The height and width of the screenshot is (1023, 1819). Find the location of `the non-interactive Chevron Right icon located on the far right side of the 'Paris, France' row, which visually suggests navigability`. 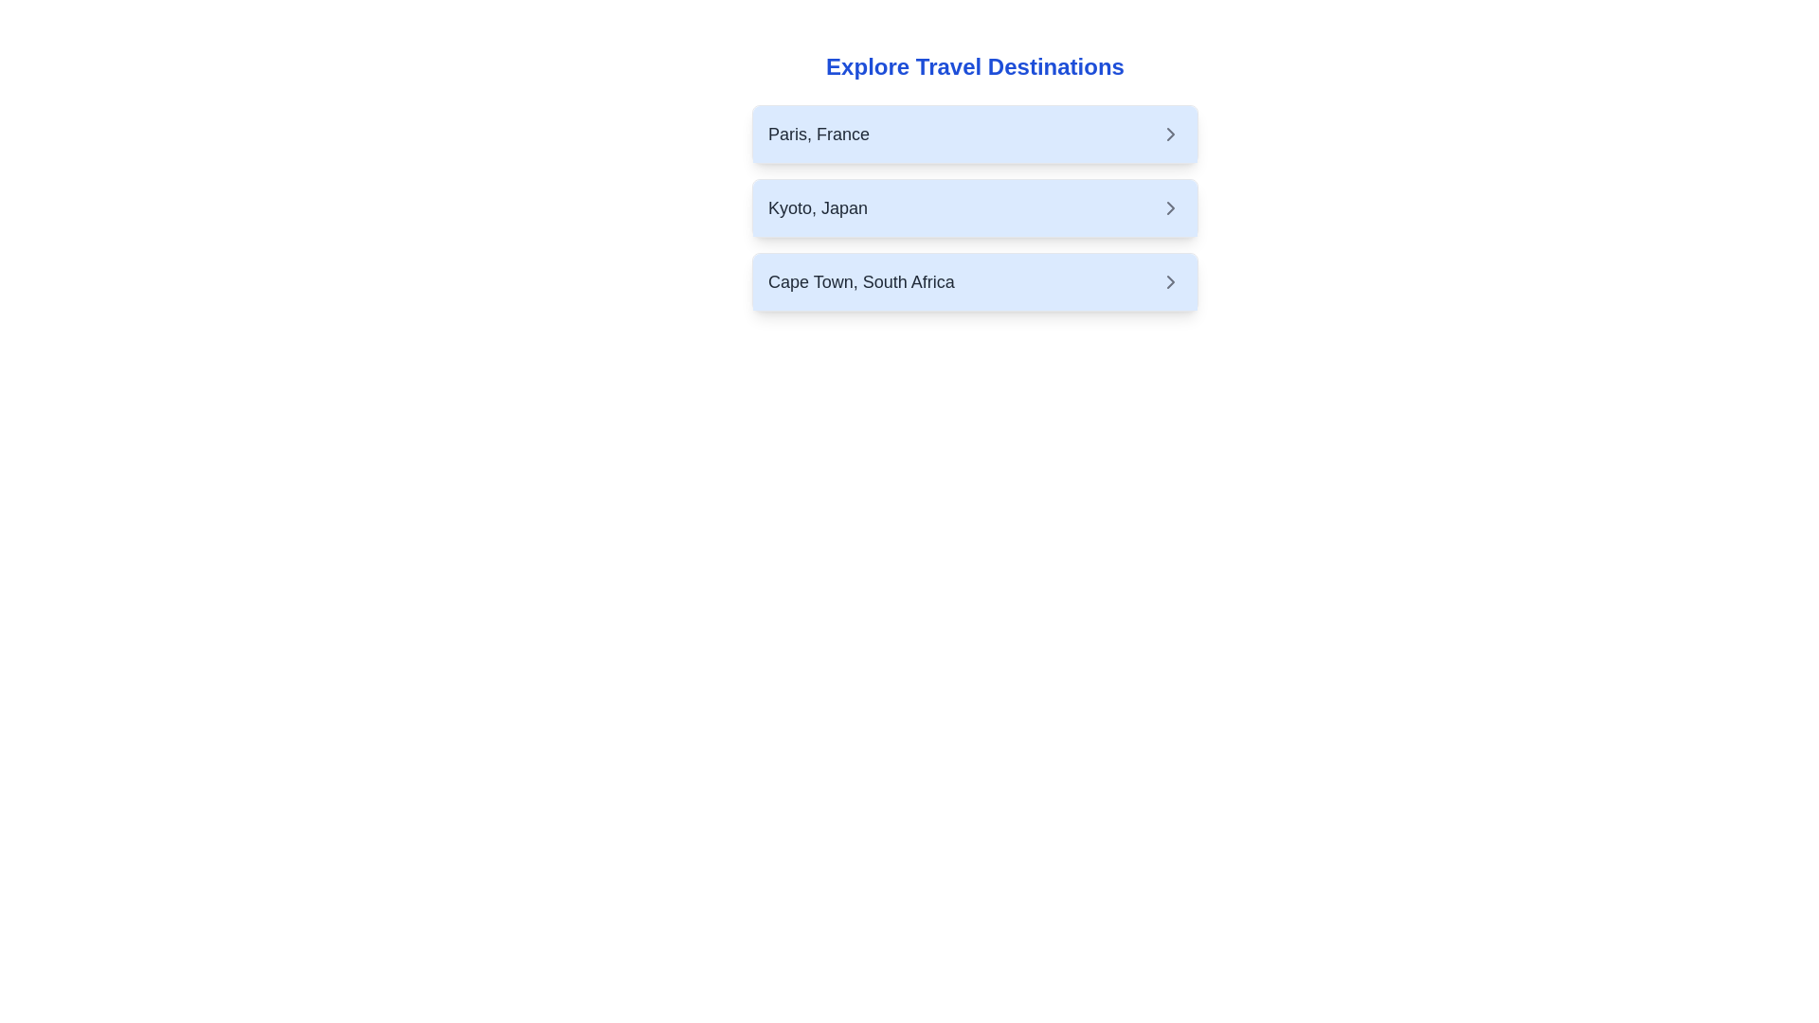

the non-interactive Chevron Right icon located on the far right side of the 'Paris, France' row, which visually suggests navigability is located at coordinates (1170, 134).